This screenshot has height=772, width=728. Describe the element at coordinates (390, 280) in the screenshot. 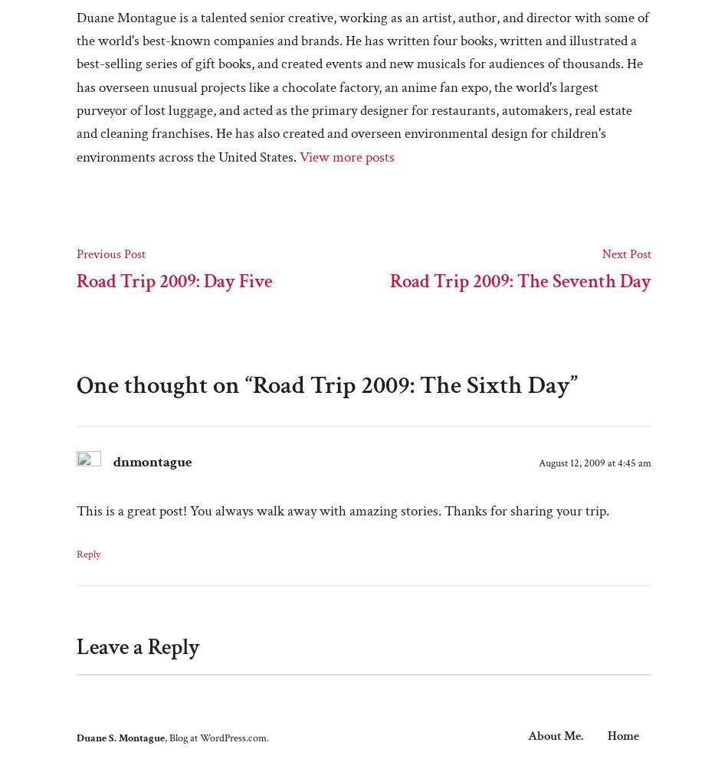

I see `'Road Trip 2009: The Seventh Day'` at that location.